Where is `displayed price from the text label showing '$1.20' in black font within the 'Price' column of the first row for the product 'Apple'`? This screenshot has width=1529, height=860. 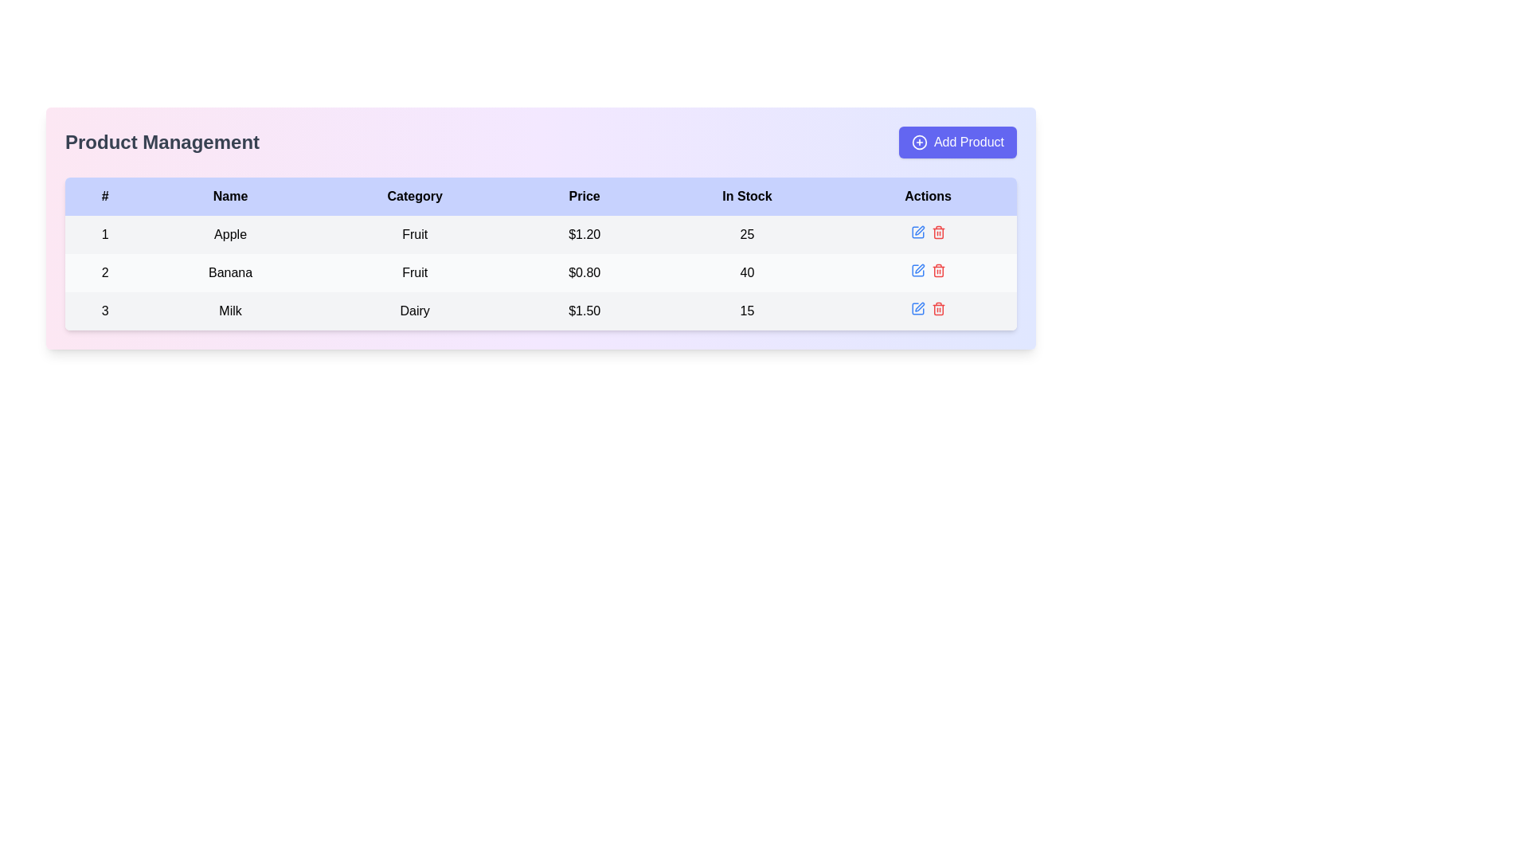 displayed price from the text label showing '$1.20' in black font within the 'Price' column of the first row for the product 'Apple' is located at coordinates (584, 234).